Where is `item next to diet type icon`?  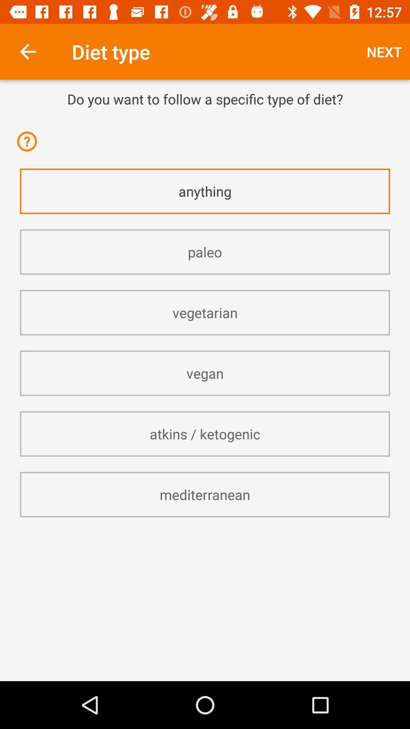
item next to diet type icon is located at coordinates (384, 51).